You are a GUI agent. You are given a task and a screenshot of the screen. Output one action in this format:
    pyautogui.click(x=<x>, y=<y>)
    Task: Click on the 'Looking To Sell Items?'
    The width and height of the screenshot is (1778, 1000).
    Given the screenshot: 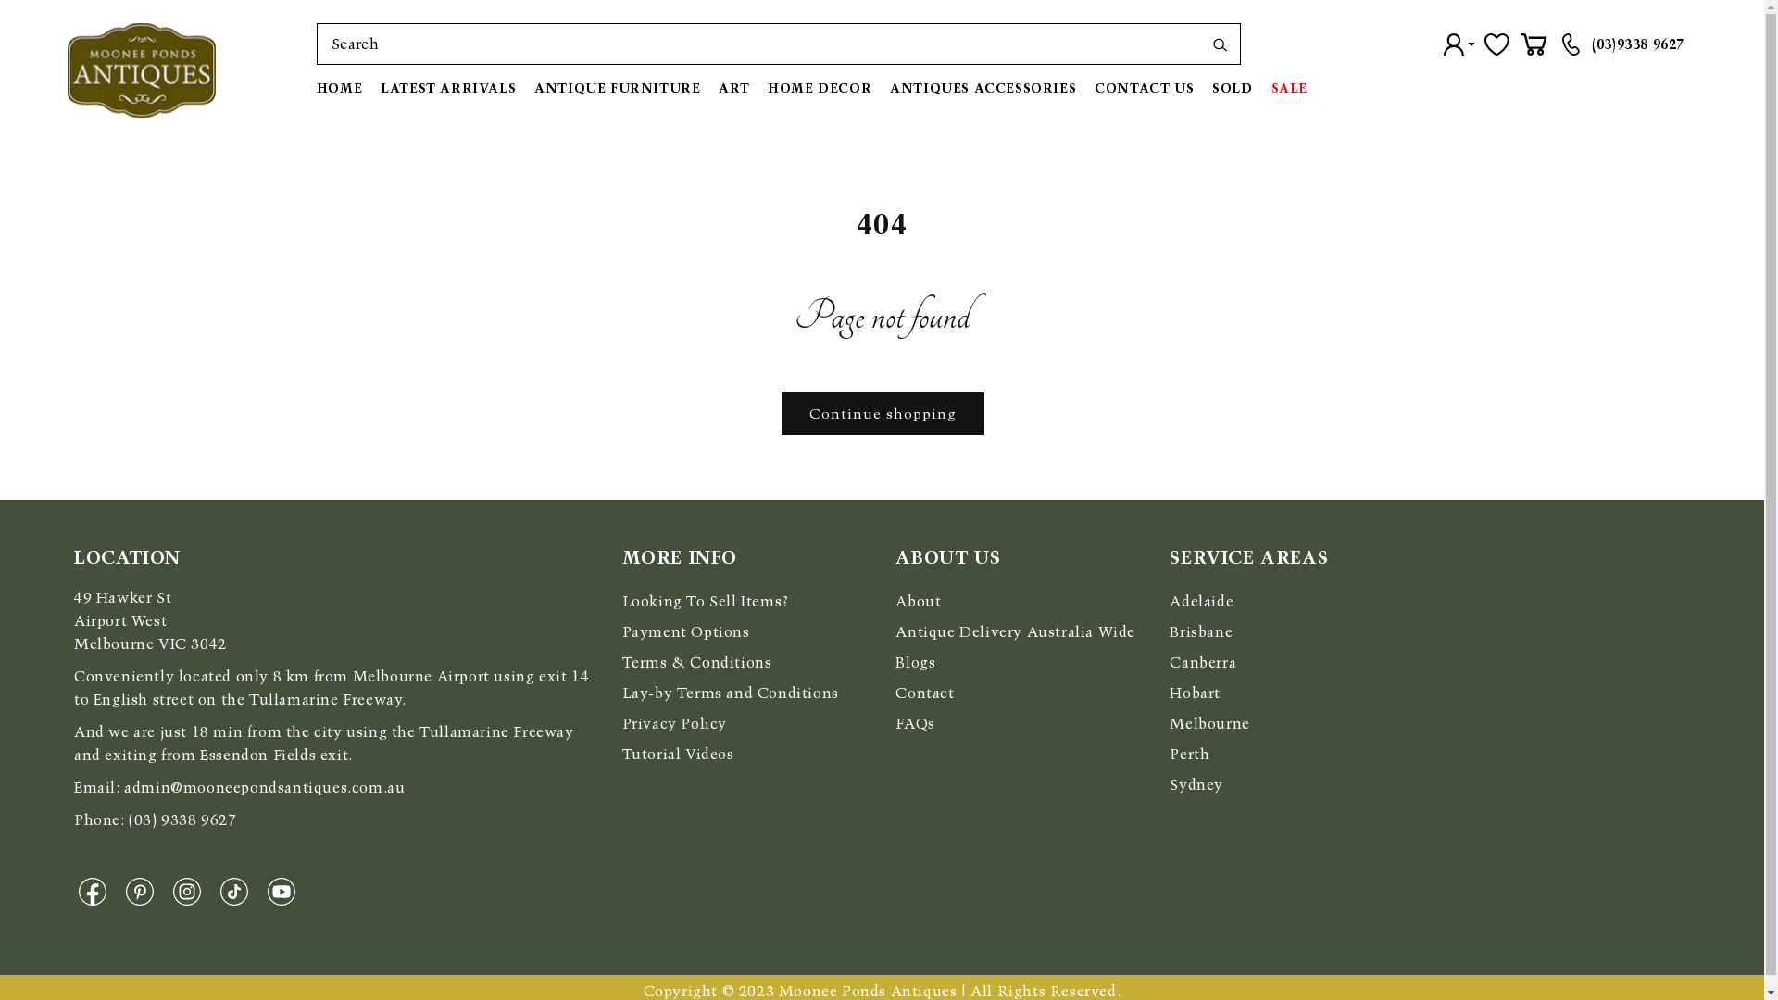 What is the action you would take?
    pyautogui.click(x=622, y=601)
    